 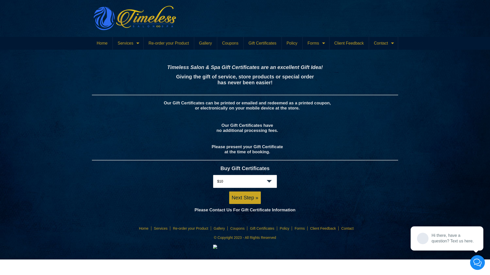 I want to click on 'Policy', so click(x=279, y=228).